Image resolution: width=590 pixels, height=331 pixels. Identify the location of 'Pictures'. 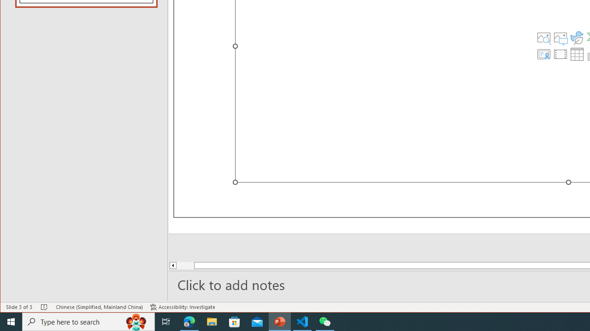
(560, 37).